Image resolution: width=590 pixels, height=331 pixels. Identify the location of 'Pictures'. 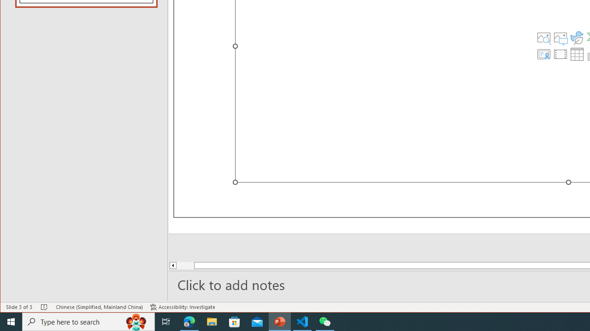
(560, 37).